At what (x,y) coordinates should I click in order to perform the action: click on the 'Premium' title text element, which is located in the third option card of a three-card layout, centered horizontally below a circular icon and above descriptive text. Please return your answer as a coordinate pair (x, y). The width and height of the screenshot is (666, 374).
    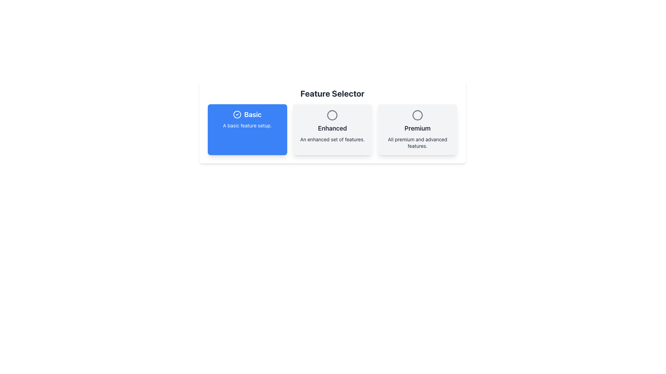
    Looking at the image, I should click on (417, 128).